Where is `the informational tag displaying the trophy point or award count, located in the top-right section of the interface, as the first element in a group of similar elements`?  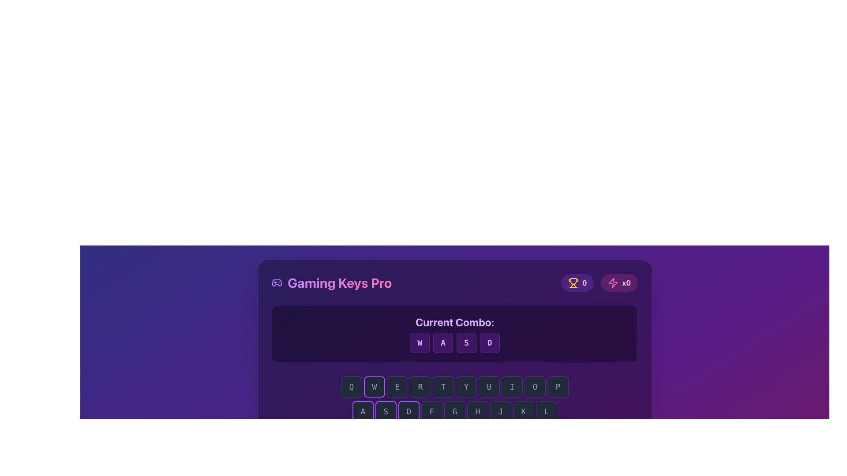
the informational tag displaying the trophy point or award count, located in the top-right section of the interface, as the first element in a group of similar elements is located at coordinates (577, 283).